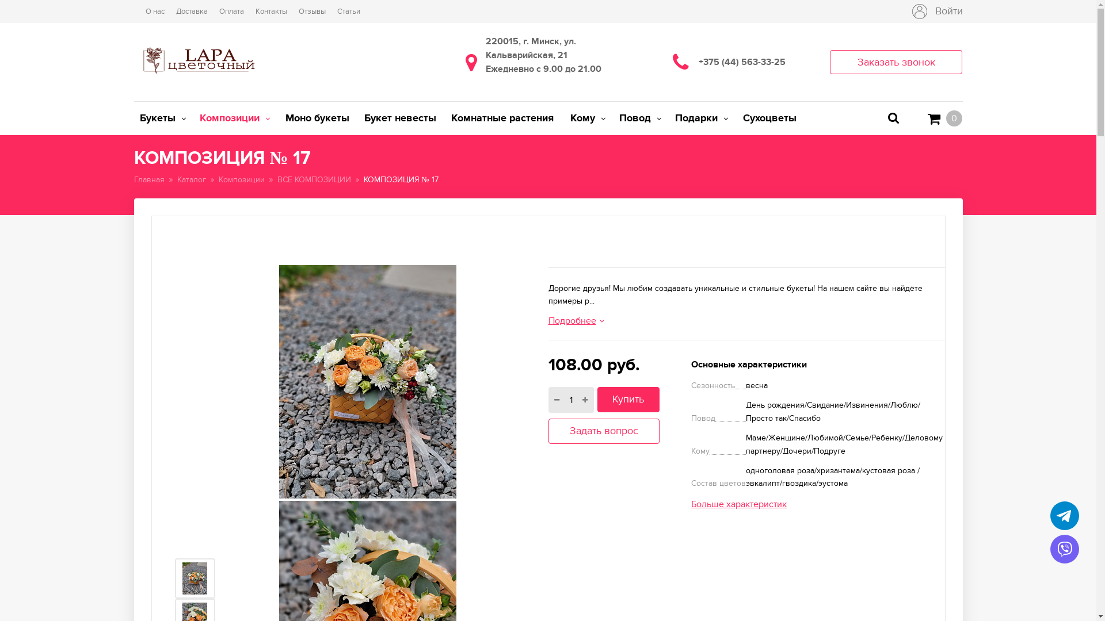 This screenshot has height=621, width=1105. Describe the element at coordinates (752, 62) in the screenshot. I see `'+375 (44) 563-33-25'` at that location.